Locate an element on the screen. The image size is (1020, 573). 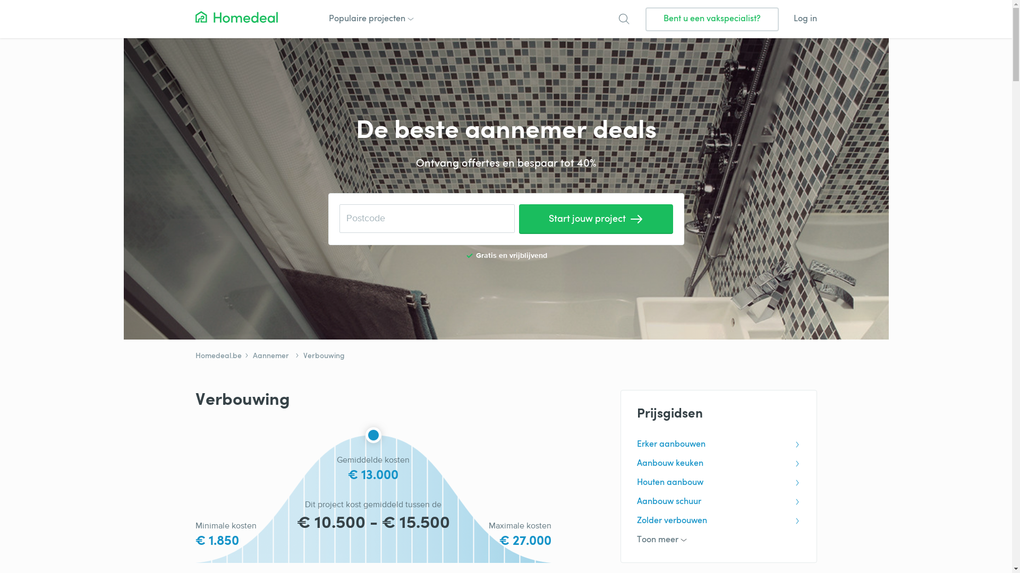
'Zolder verbouwen' is located at coordinates (718, 520).